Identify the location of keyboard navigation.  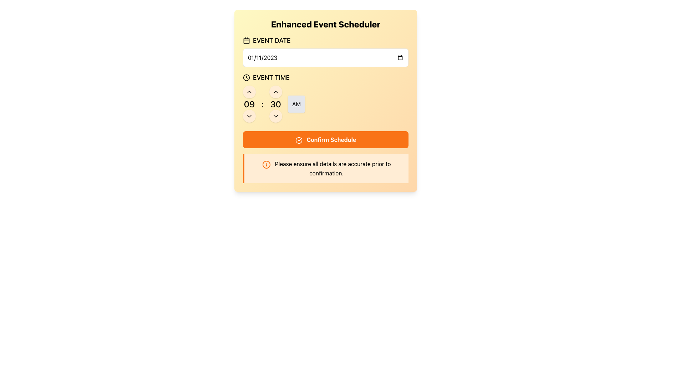
(325, 51).